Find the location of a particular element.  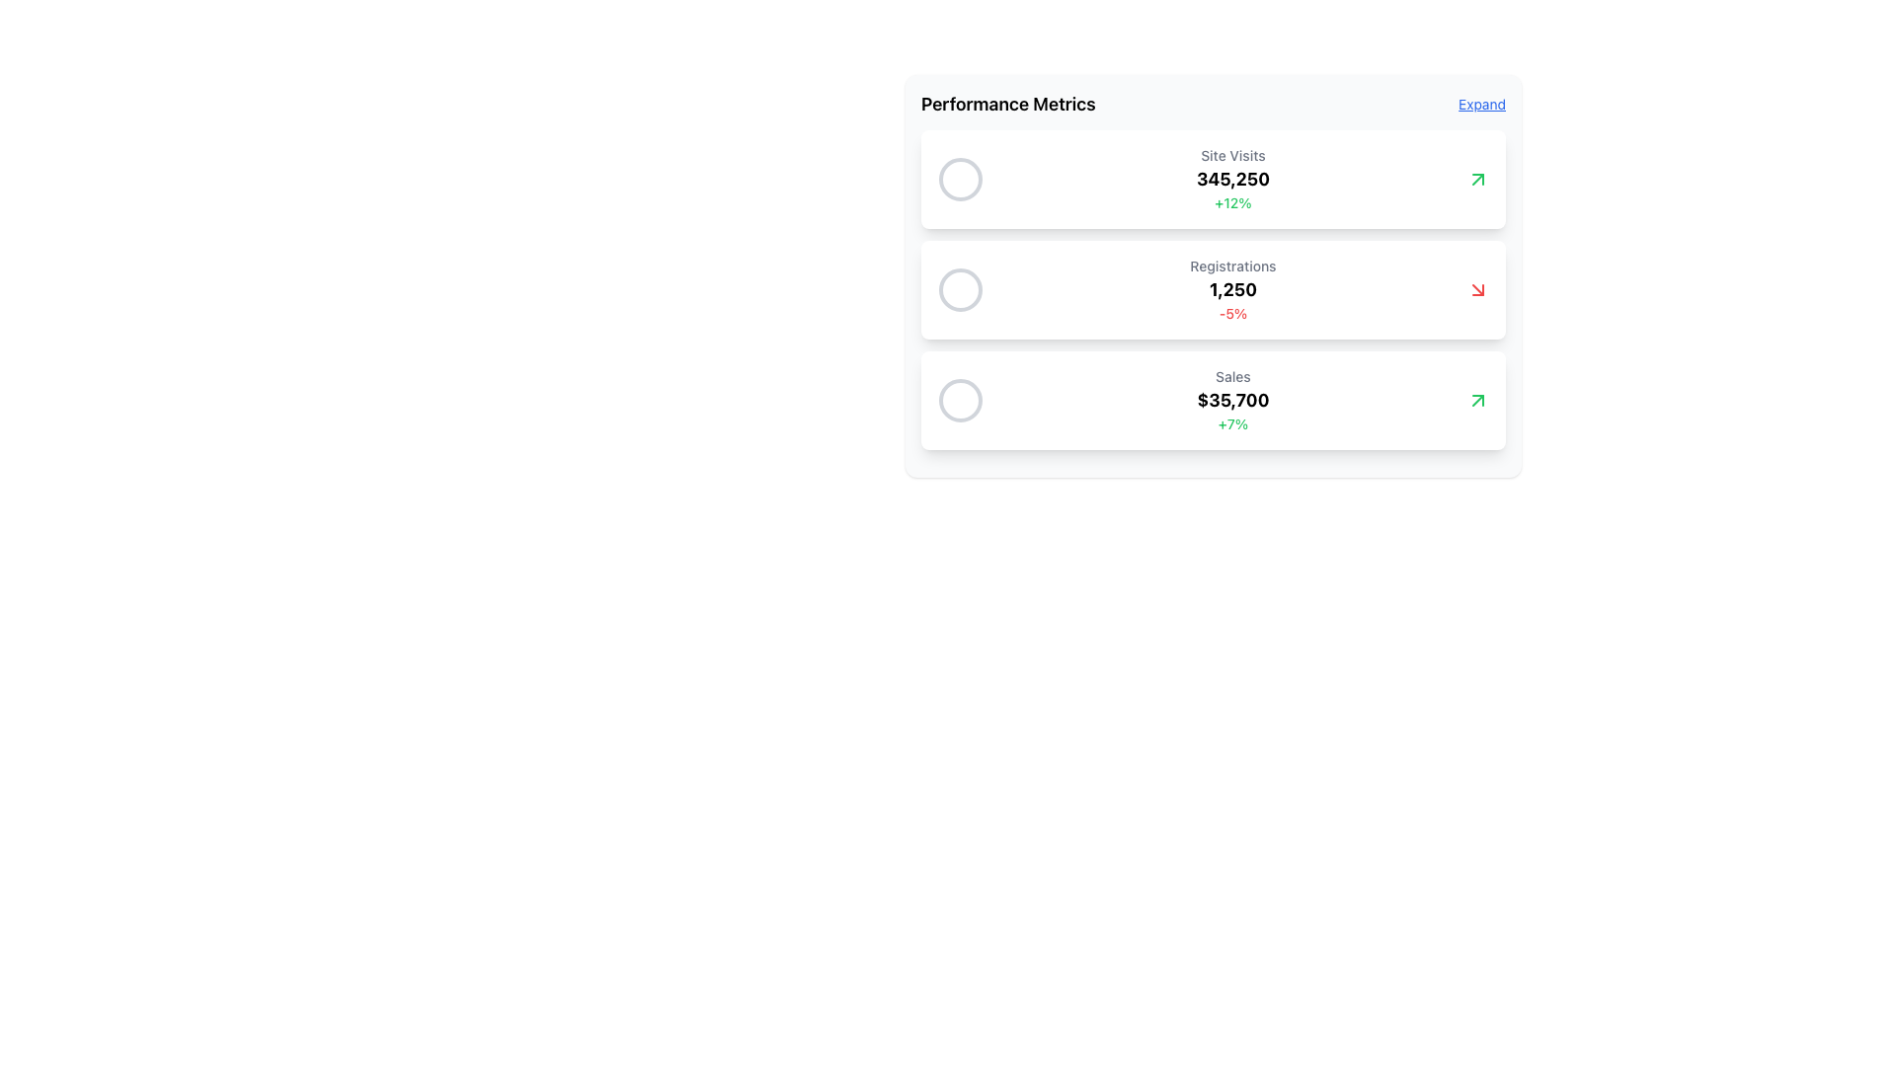

the 'Performance Metrics' text label located at the top-left corner of the metrics display section is located at coordinates (1008, 104).